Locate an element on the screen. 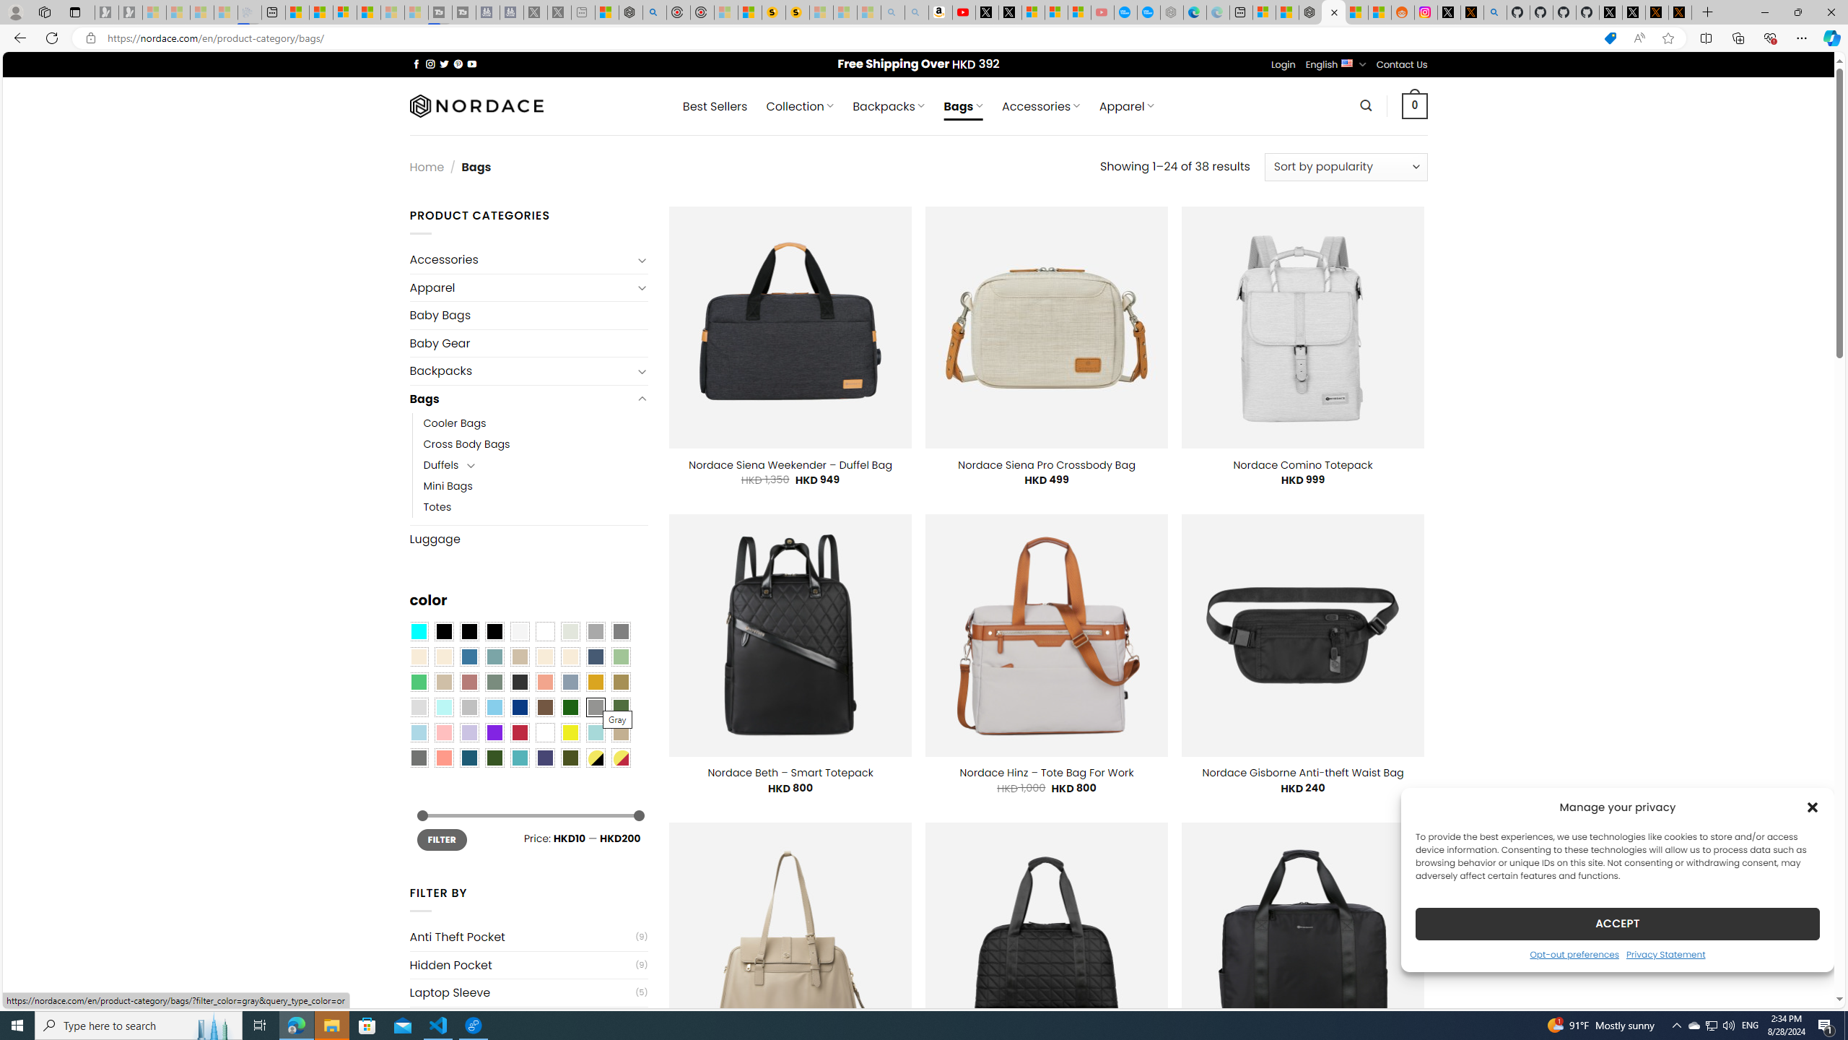 The height and width of the screenshot is (1040, 1848). 'Hidden Pocket' is located at coordinates (521, 965).